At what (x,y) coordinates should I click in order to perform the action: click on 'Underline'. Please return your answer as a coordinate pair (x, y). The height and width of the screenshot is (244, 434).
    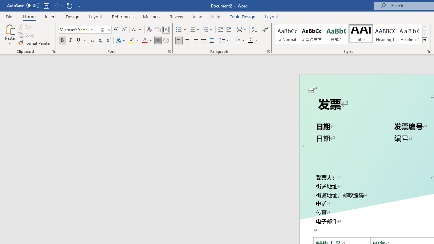
    Looking at the image, I should click on (79, 40).